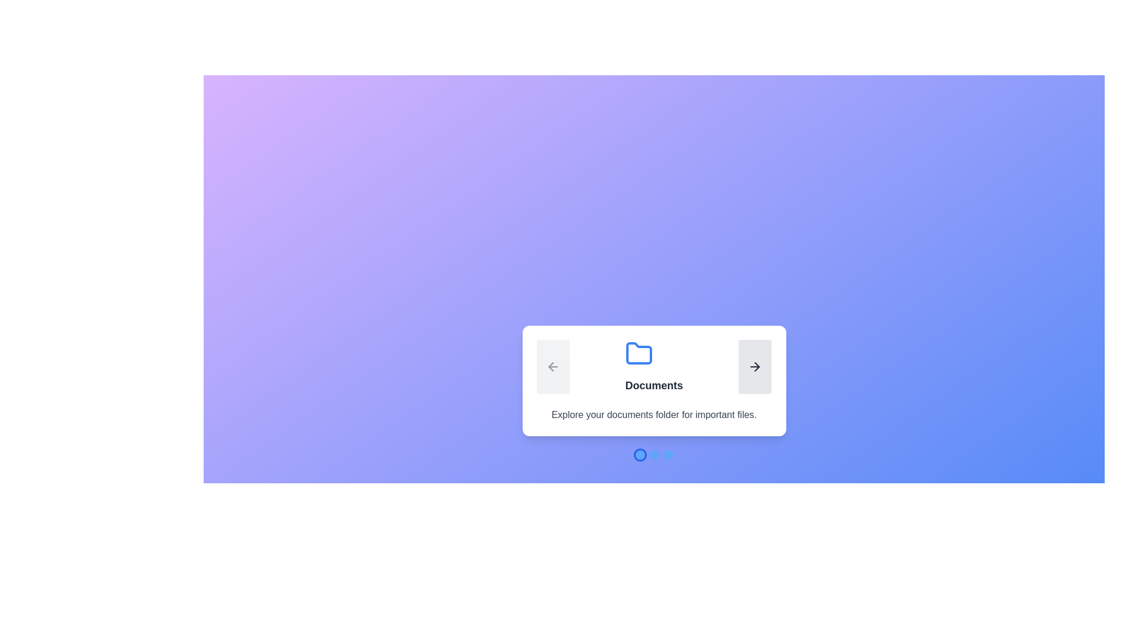 The width and height of the screenshot is (1130, 635). I want to click on right navigation button to proceed to the next step, so click(755, 366).